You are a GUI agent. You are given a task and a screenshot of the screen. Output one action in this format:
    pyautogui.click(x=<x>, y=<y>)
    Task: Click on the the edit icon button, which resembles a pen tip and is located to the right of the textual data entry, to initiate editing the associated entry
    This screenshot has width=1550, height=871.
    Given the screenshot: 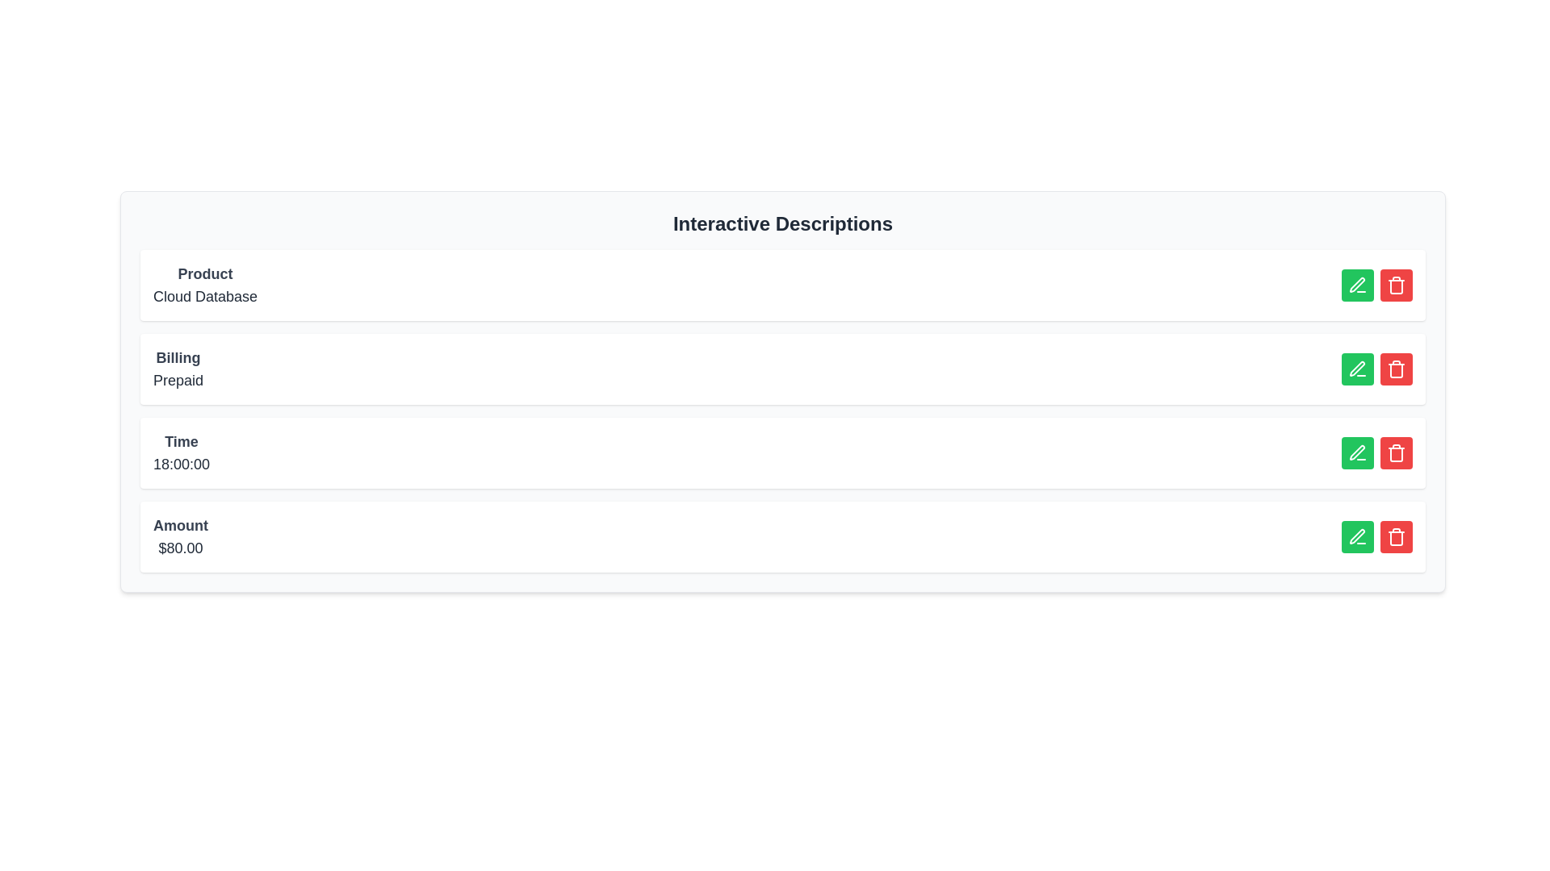 What is the action you would take?
    pyautogui.click(x=1356, y=369)
    